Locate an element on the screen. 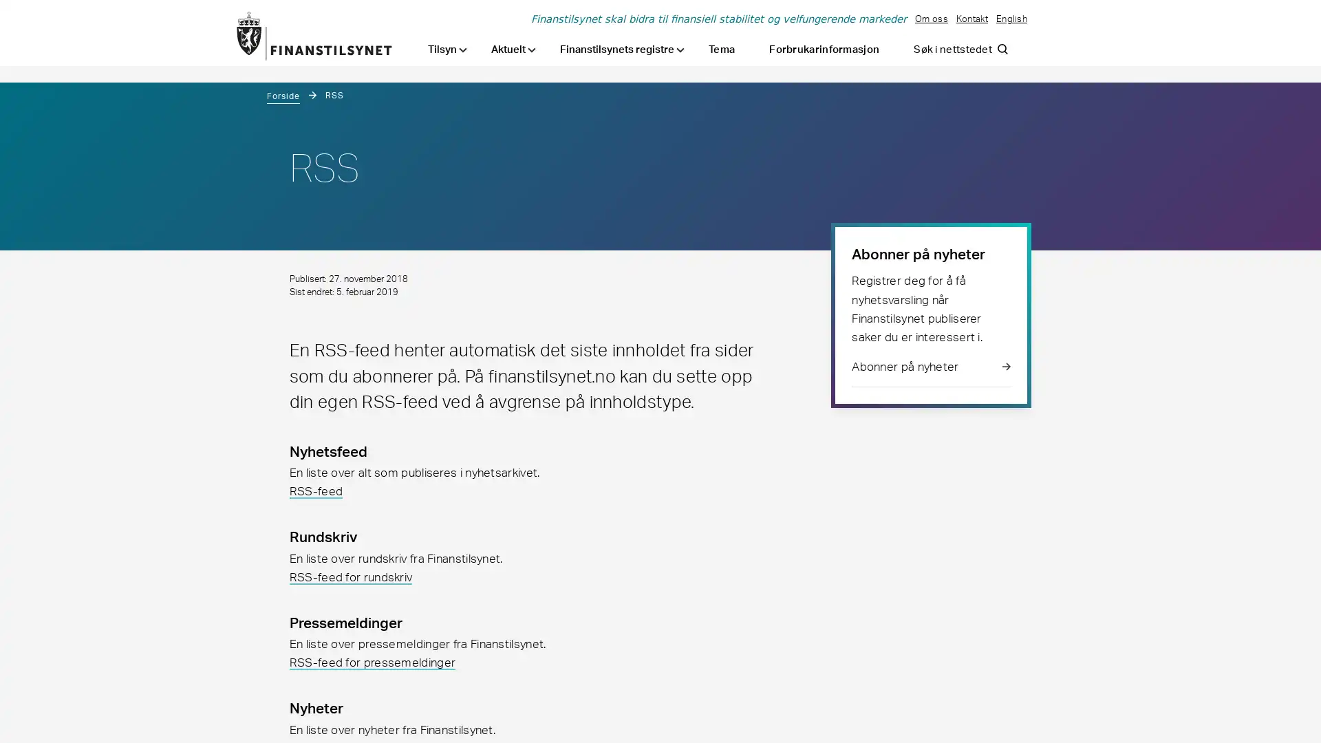  Tilsyn Tilsyn is located at coordinates (447, 49).